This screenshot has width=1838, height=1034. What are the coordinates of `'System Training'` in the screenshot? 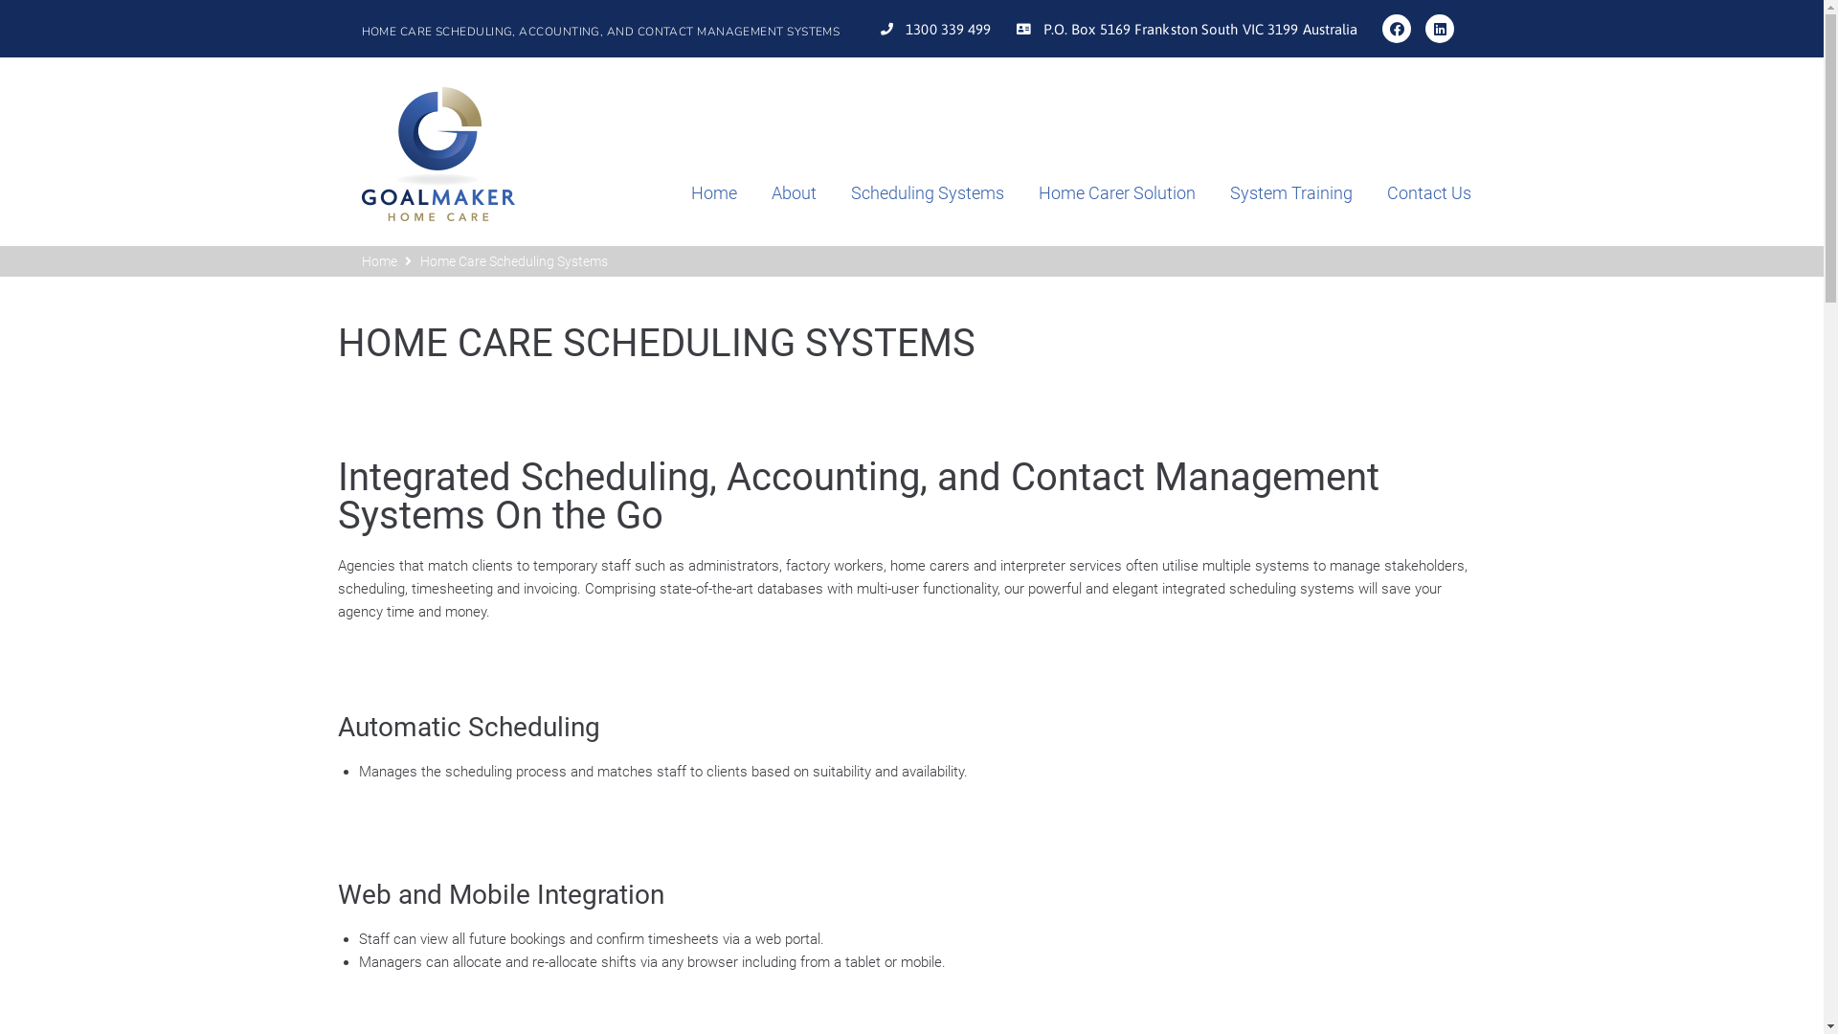 It's located at (1273, 193).